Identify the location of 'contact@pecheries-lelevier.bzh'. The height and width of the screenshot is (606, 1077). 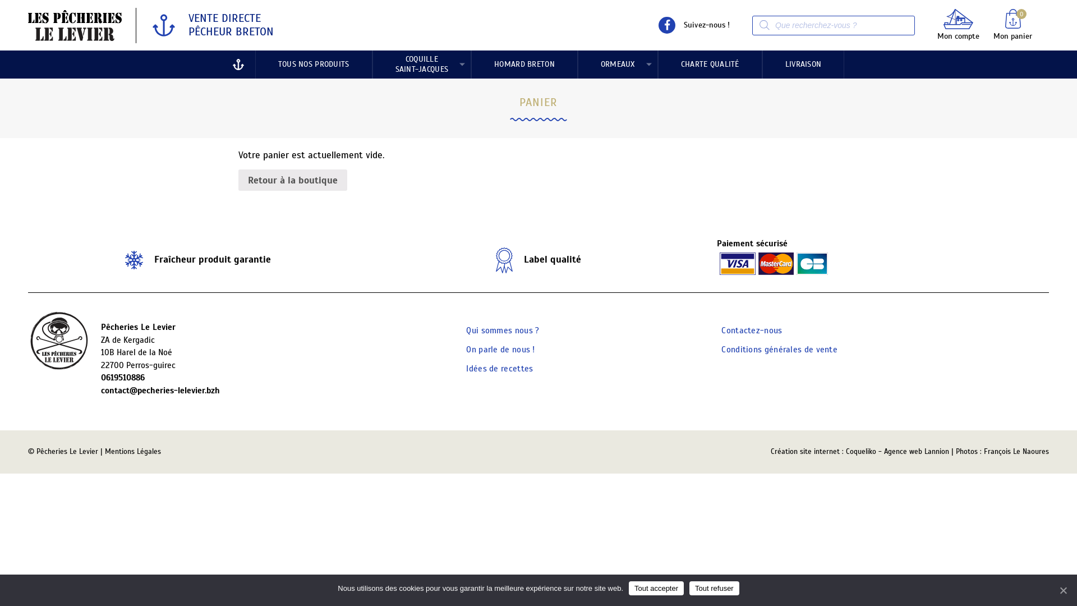
(101, 390).